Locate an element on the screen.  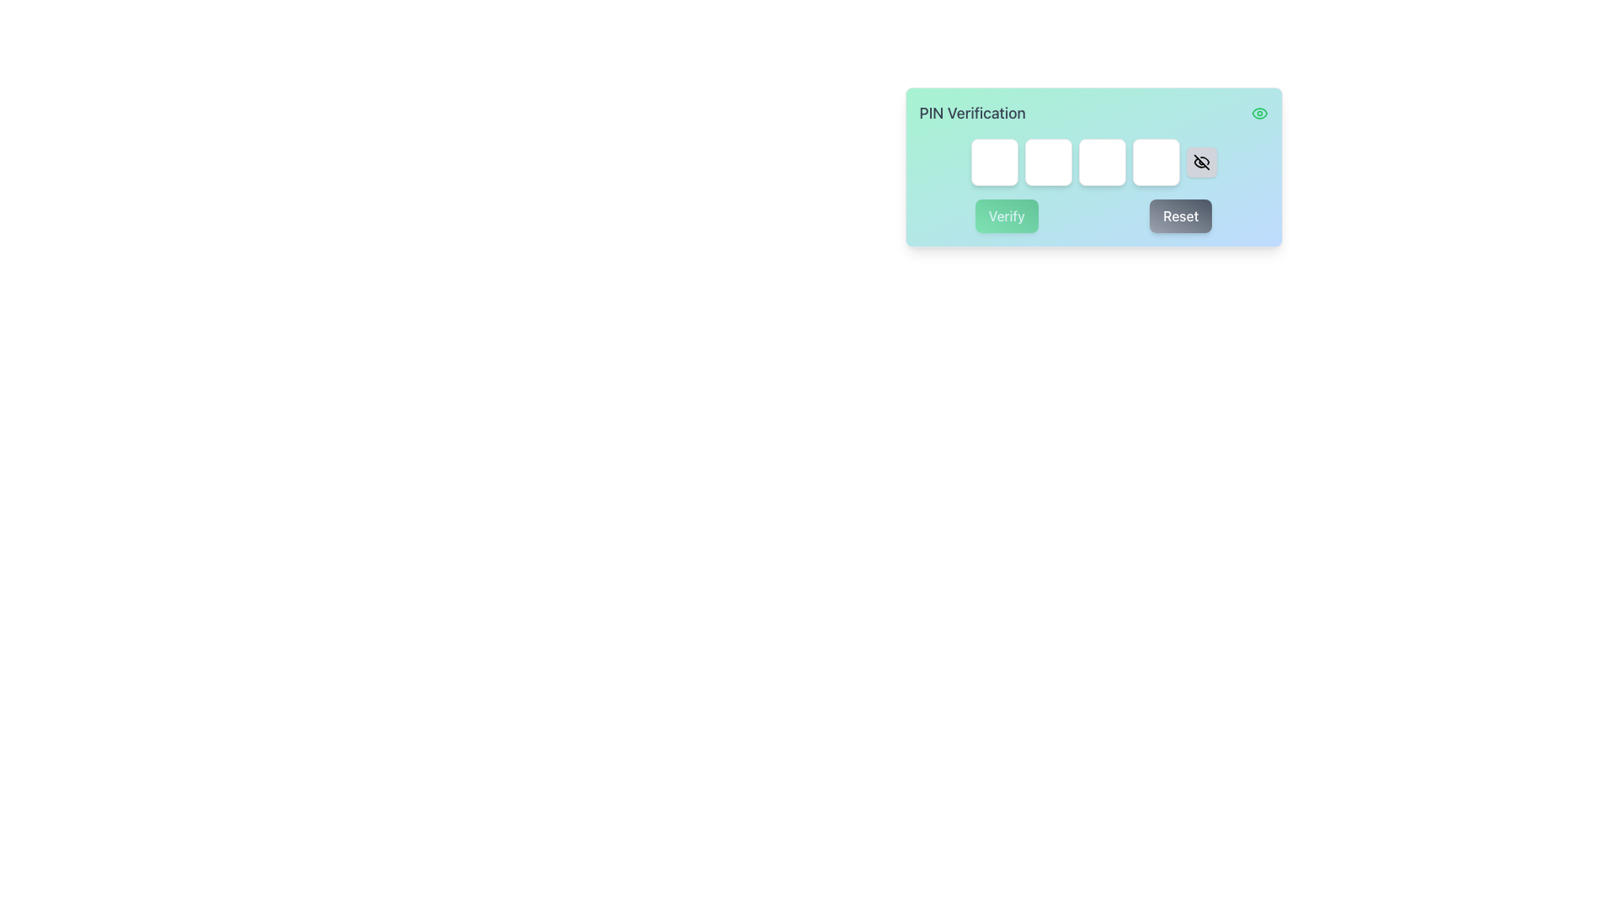
the 'Reset' button, which is a standard button with rounded corners and a gradient background, located to the right of the 'Verify' button in a horizontal layout is located at coordinates (1179, 215).